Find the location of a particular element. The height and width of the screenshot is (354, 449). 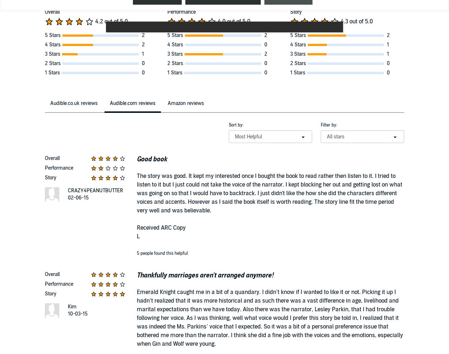

'Kim' is located at coordinates (72, 306).